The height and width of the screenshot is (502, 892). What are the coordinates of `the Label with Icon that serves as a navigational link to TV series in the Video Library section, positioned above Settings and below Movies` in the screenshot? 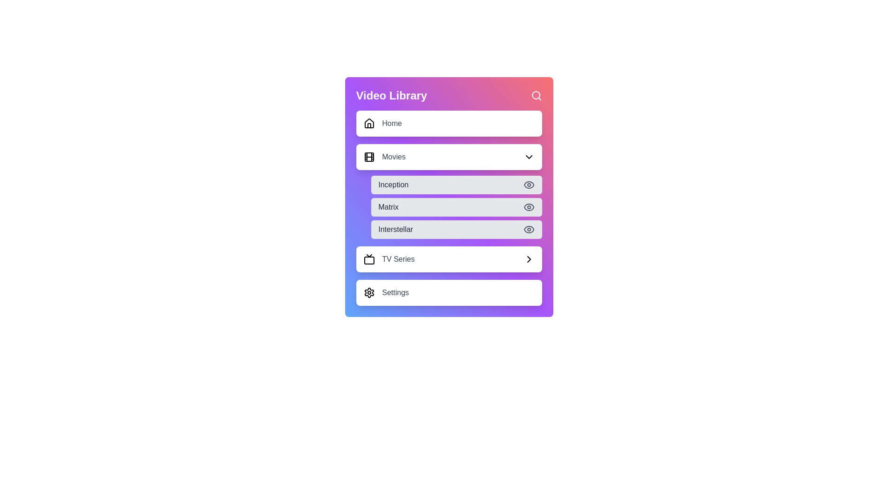 It's located at (389, 259).